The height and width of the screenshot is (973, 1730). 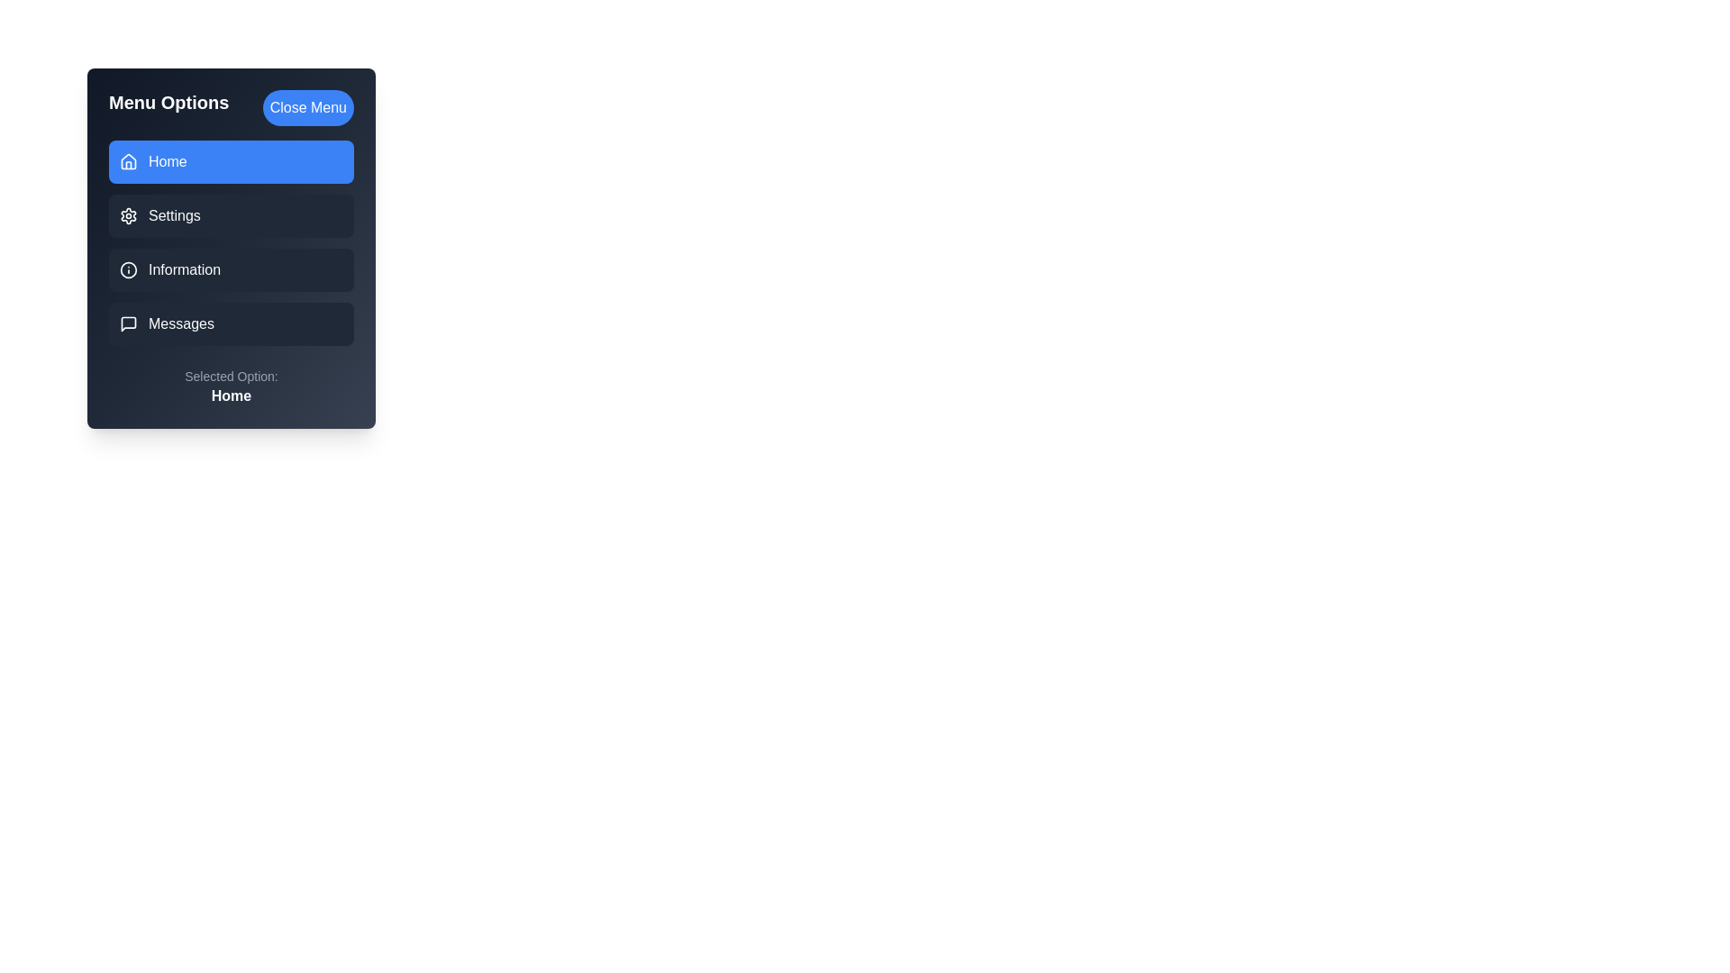 I want to click on the gear icon, so click(x=128, y=214).